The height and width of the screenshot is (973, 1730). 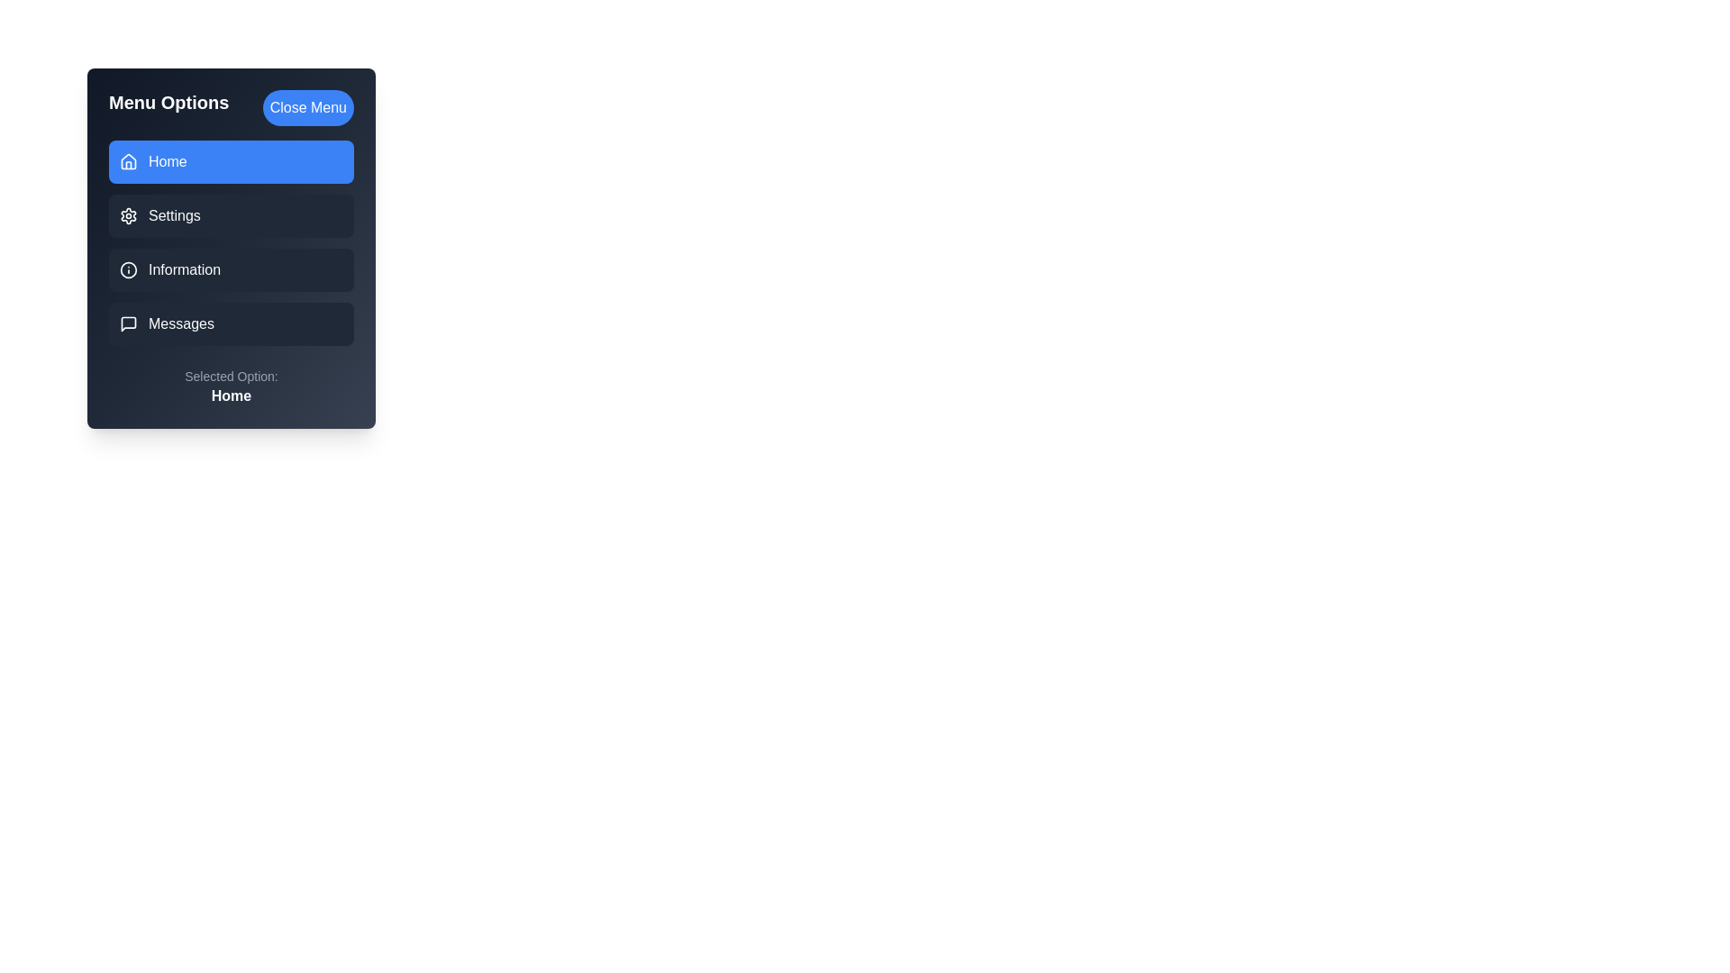 I want to click on the gear icon, so click(x=128, y=214).